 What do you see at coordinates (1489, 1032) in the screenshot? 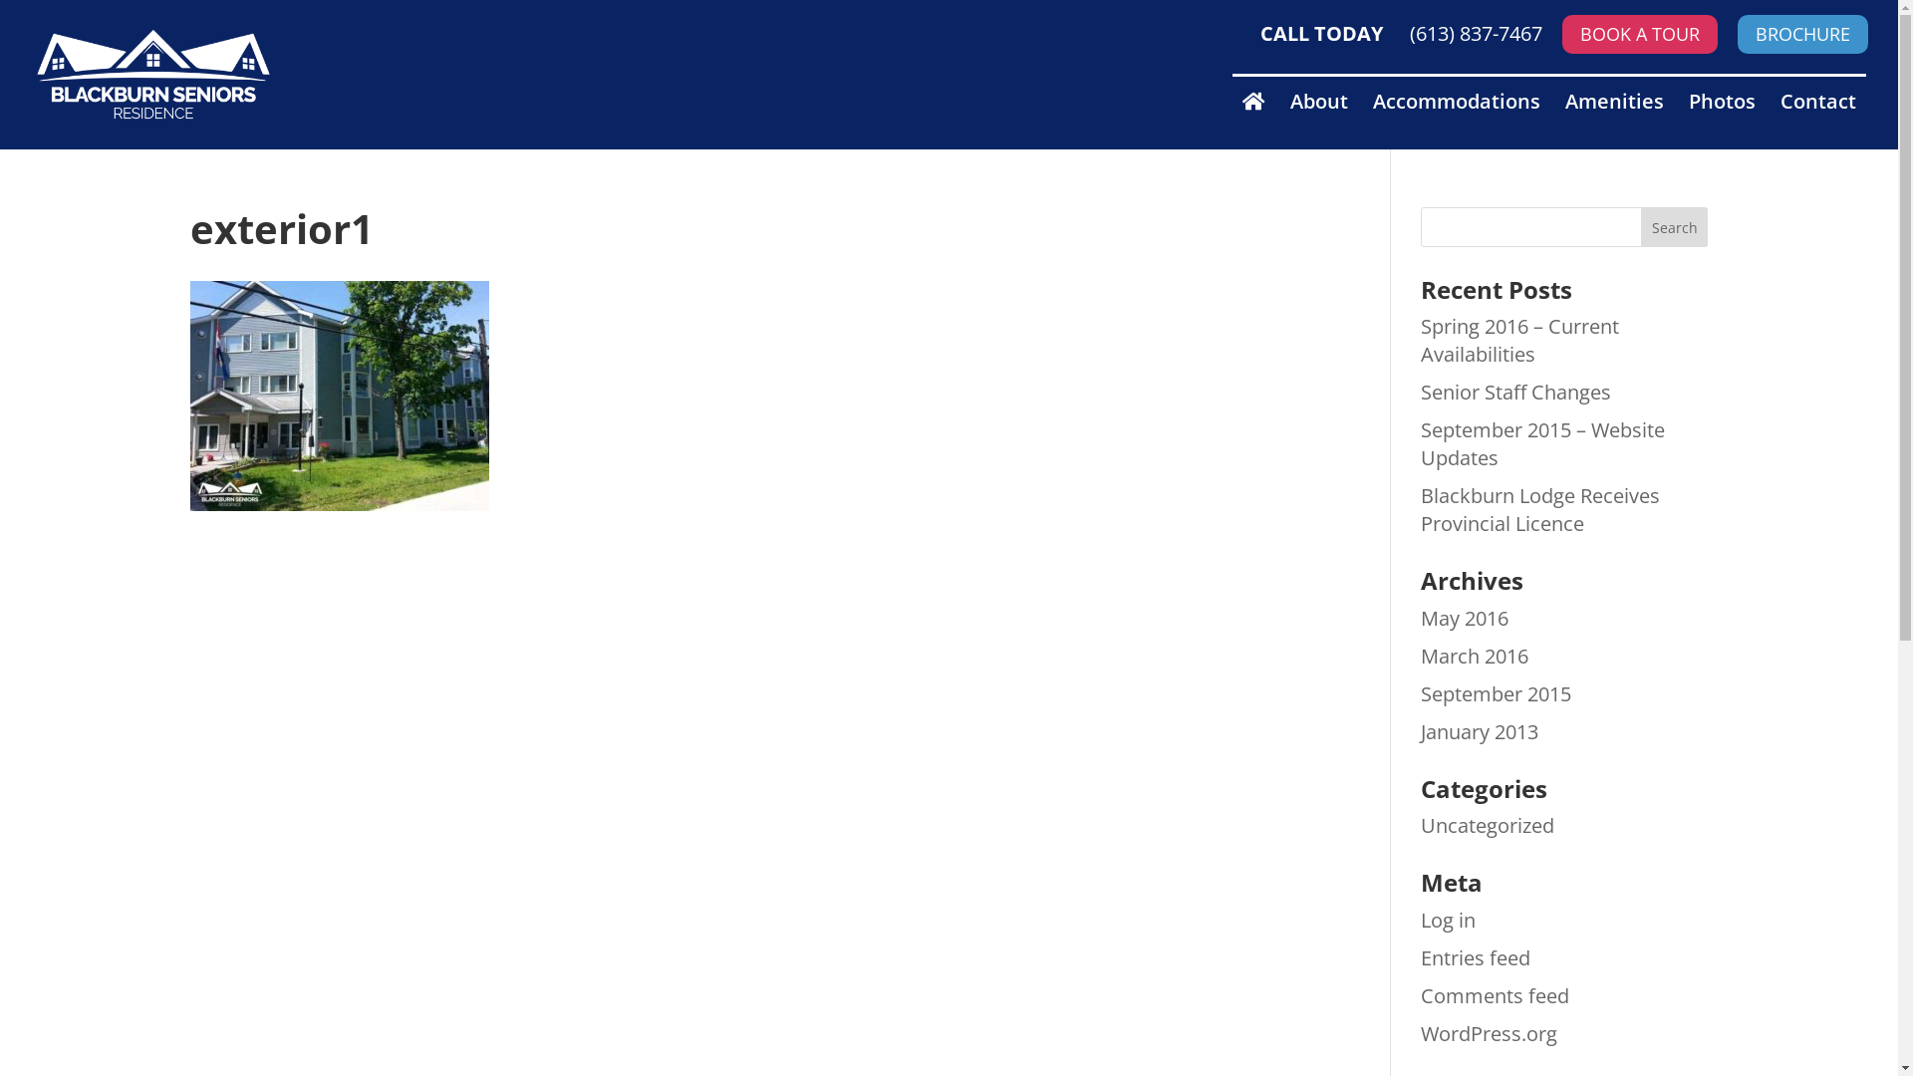
I see `'WordPress.org'` at bounding box center [1489, 1032].